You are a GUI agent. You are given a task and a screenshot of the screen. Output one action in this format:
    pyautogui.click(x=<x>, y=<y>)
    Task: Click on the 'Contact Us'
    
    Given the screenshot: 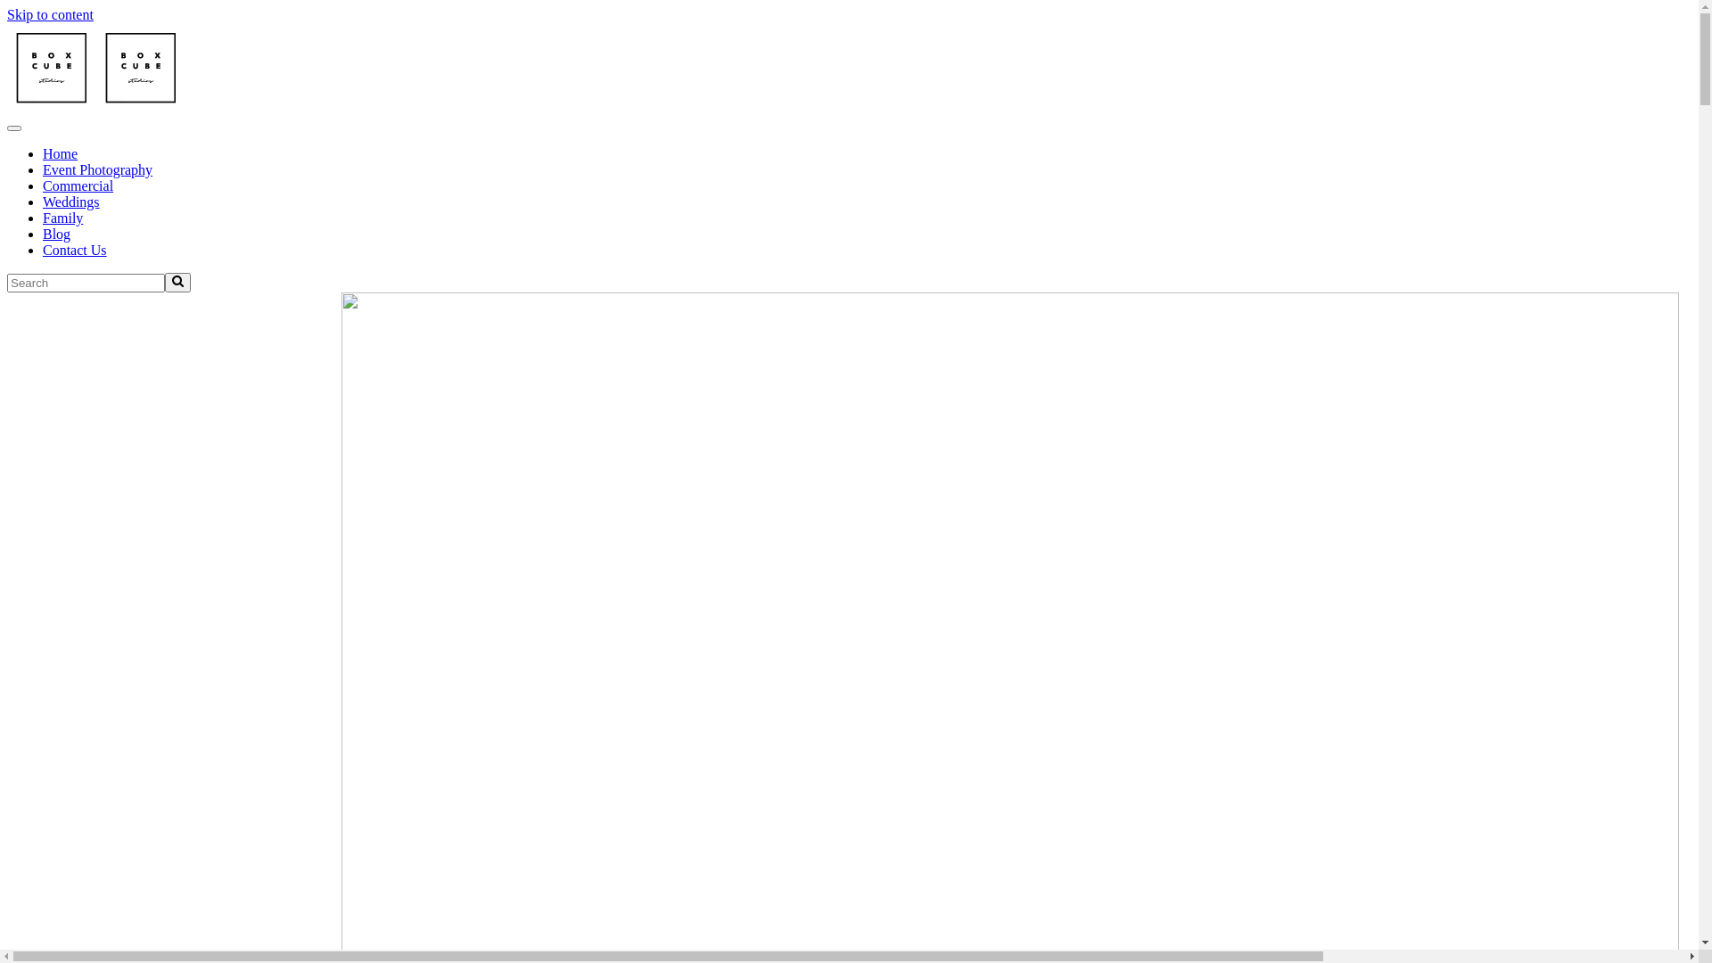 What is the action you would take?
    pyautogui.click(x=73, y=250)
    